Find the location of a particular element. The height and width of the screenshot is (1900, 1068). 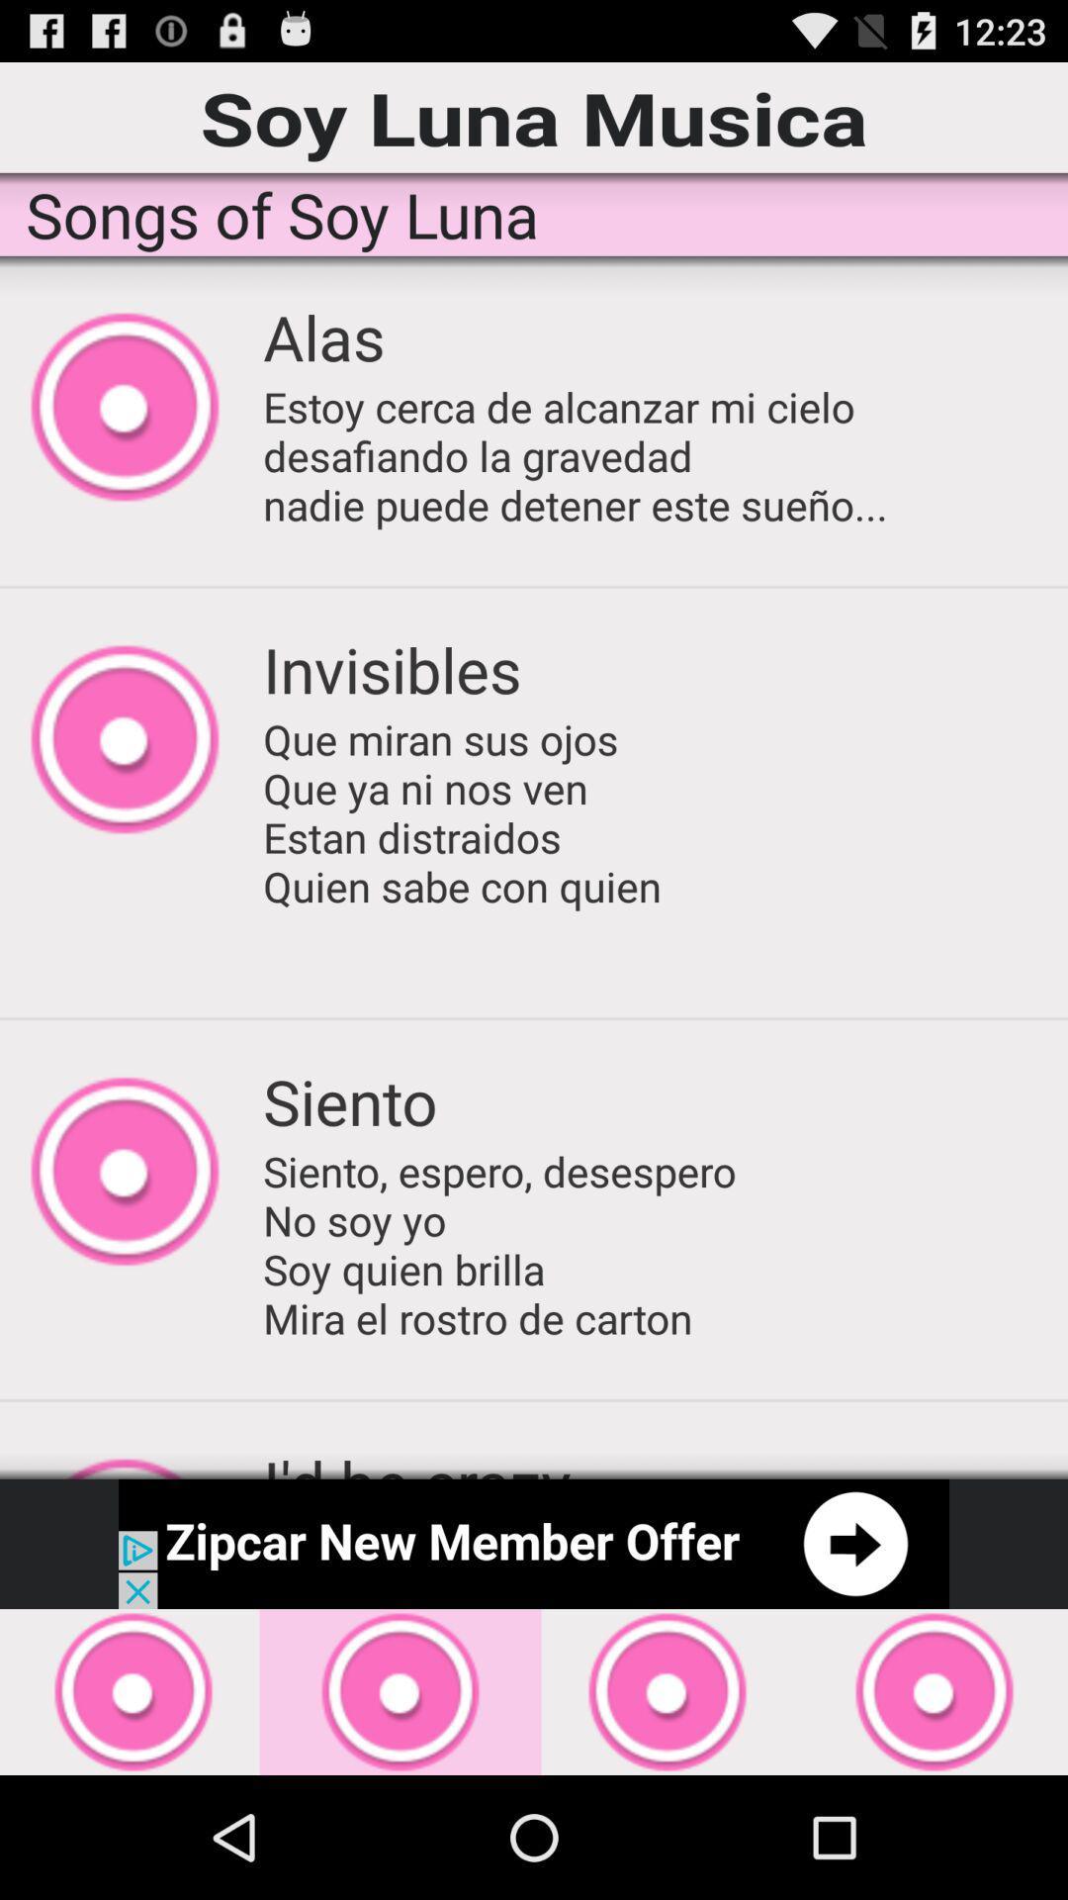

advertisement is located at coordinates (534, 1543).